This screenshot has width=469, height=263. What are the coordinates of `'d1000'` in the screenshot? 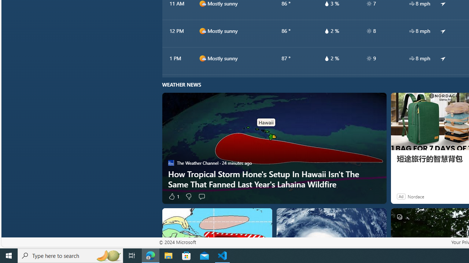 It's located at (202, 58).